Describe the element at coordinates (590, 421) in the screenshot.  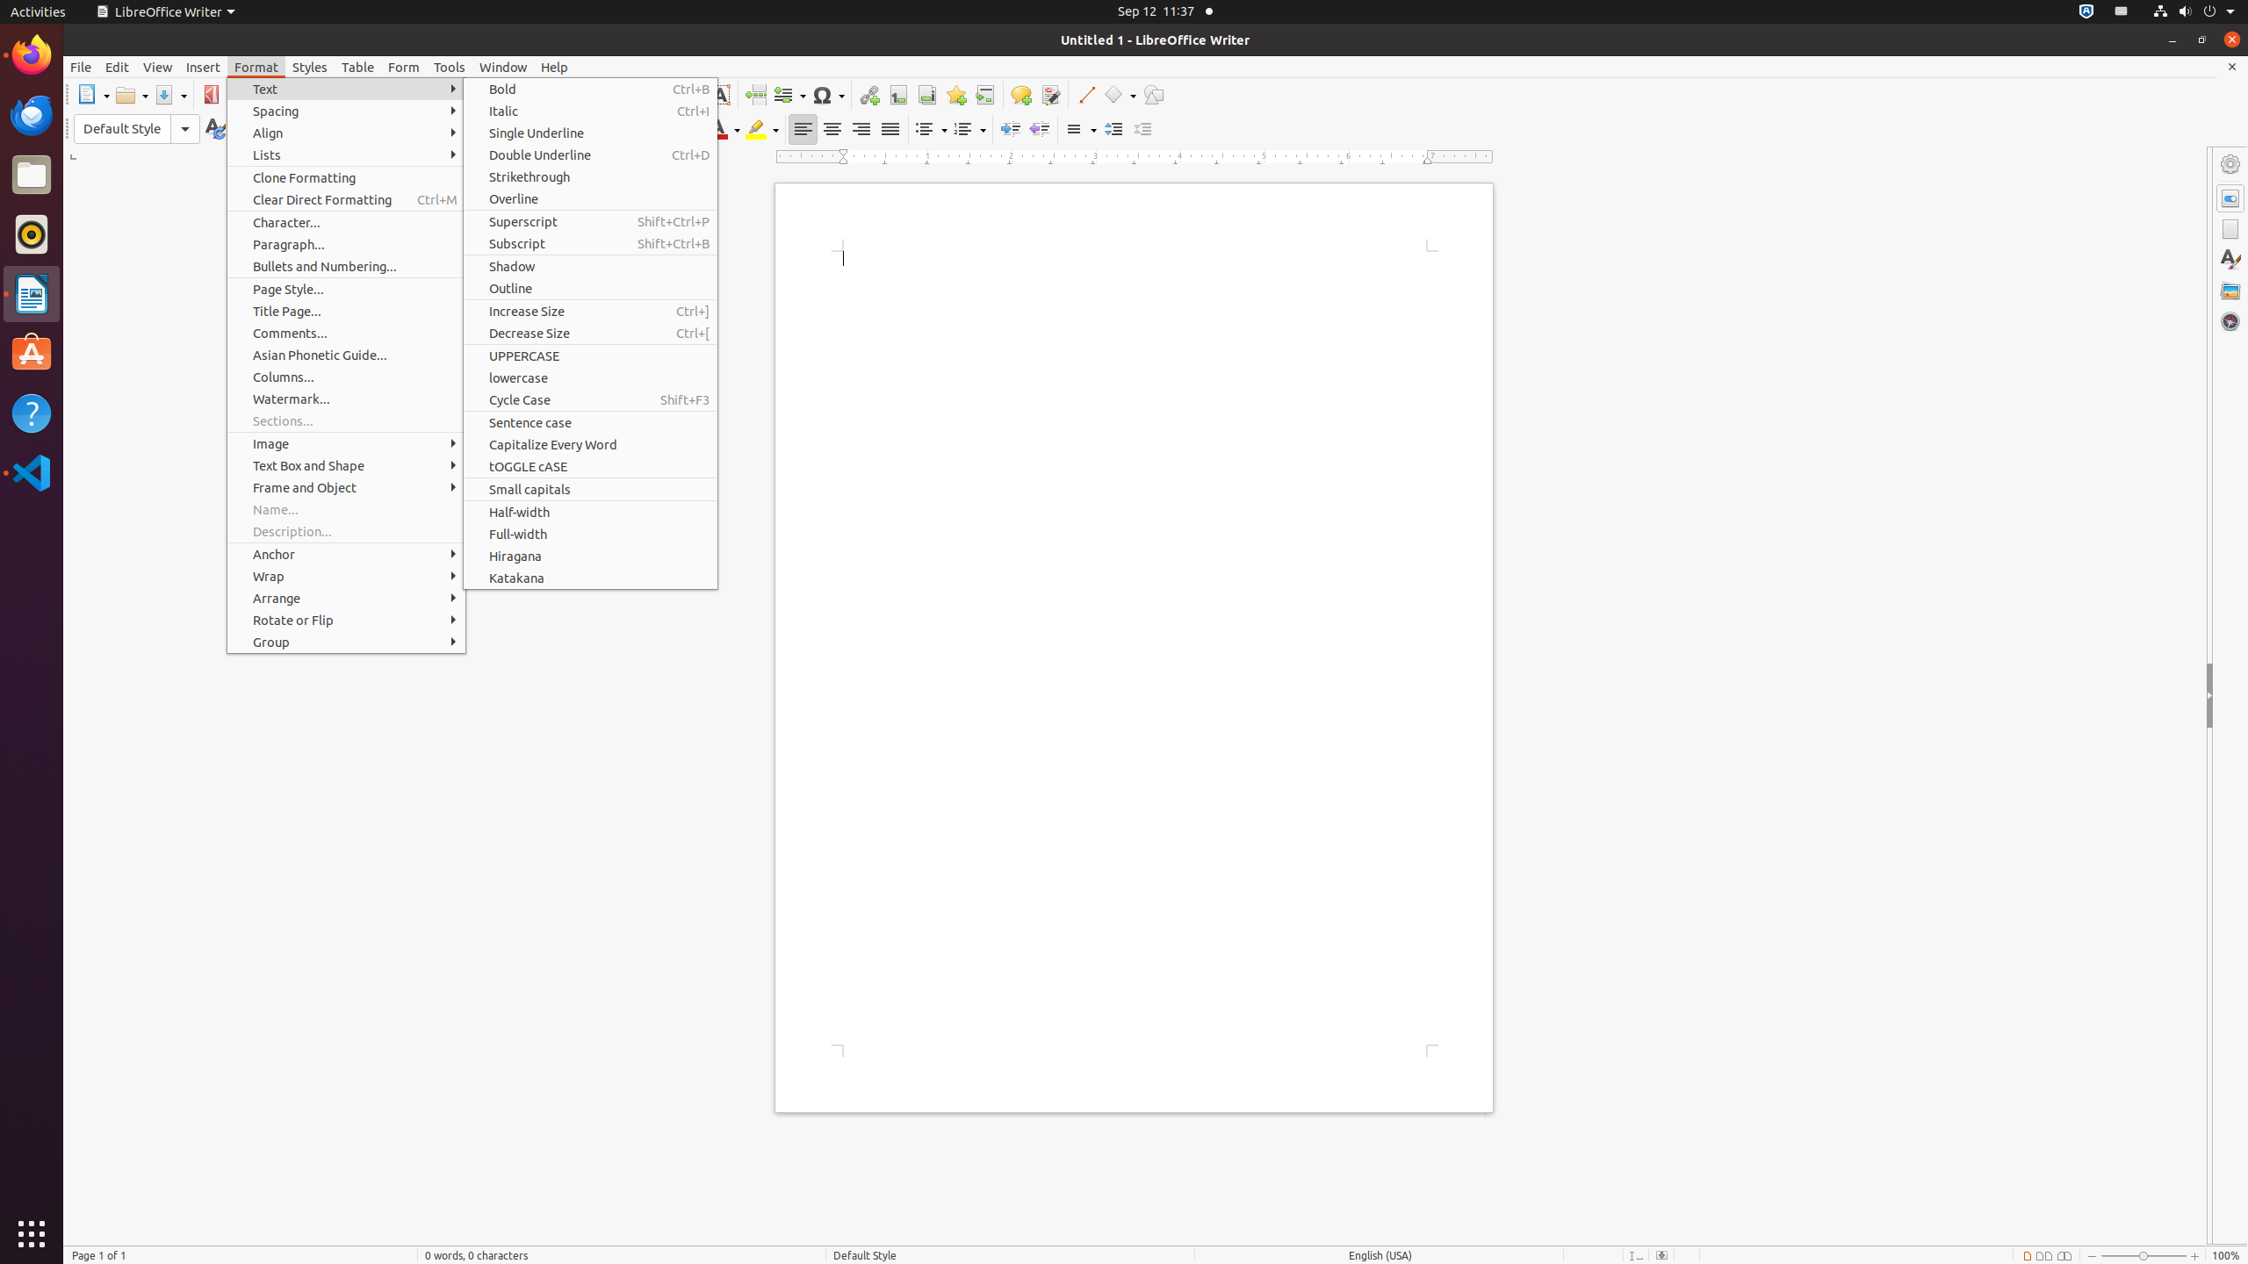
I see `'Sentence case'` at that location.